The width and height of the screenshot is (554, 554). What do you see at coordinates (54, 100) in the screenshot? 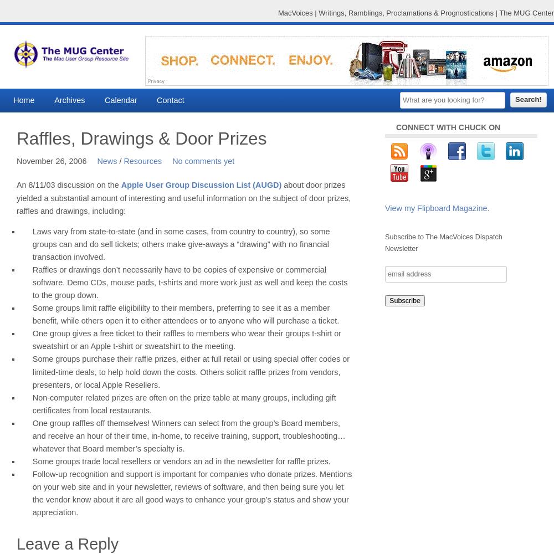
I see `'Archives'` at bounding box center [54, 100].